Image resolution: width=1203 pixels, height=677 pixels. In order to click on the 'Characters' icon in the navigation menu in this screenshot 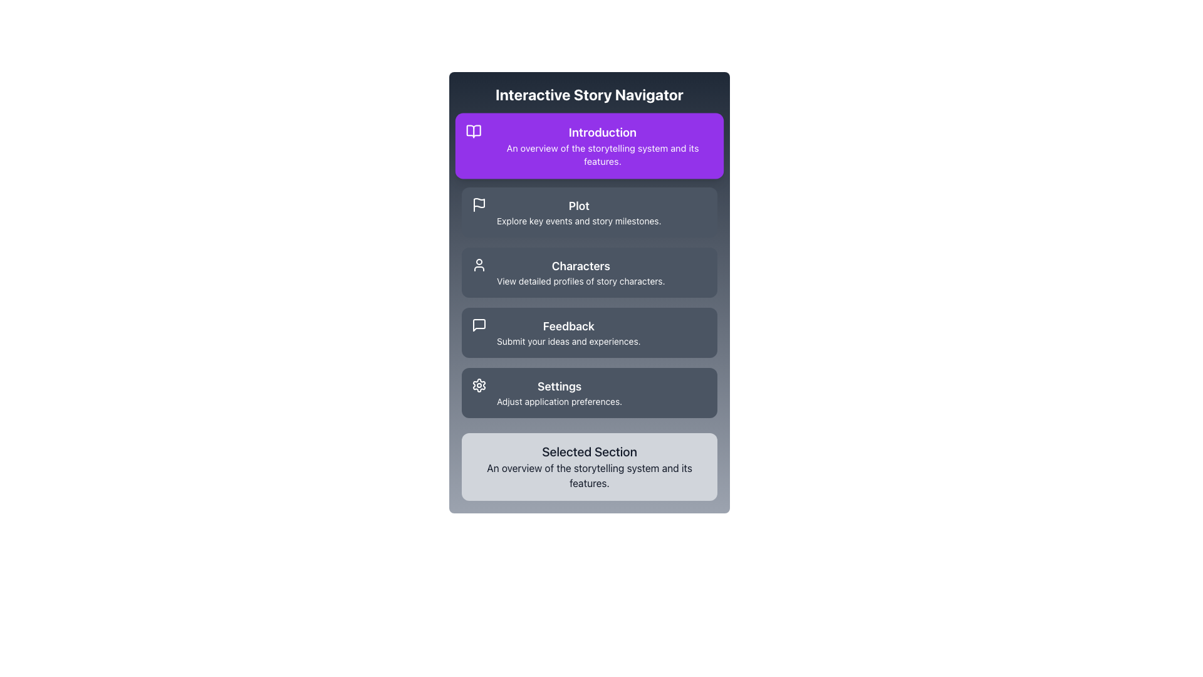, I will do `click(478, 265)`.